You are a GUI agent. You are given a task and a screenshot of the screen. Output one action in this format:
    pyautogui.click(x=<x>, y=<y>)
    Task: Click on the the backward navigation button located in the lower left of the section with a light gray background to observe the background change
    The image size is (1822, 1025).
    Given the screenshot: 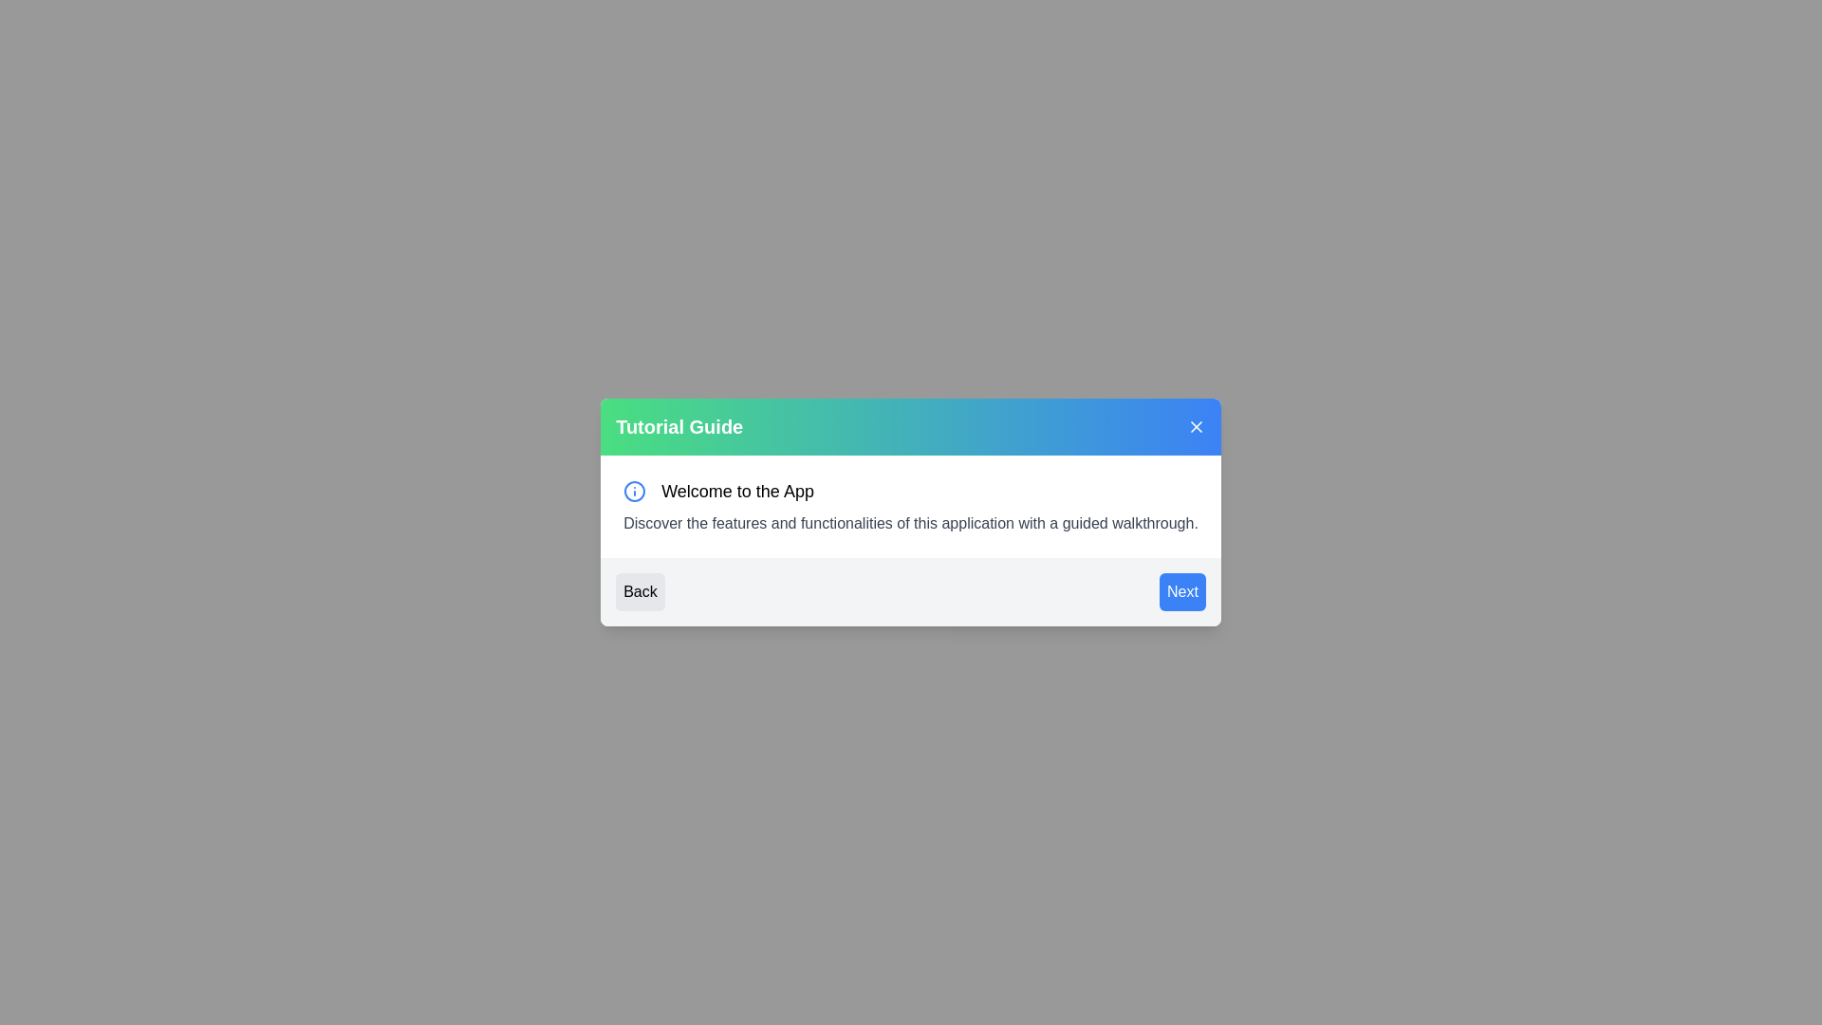 What is the action you would take?
    pyautogui.click(x=640, y=591)
    